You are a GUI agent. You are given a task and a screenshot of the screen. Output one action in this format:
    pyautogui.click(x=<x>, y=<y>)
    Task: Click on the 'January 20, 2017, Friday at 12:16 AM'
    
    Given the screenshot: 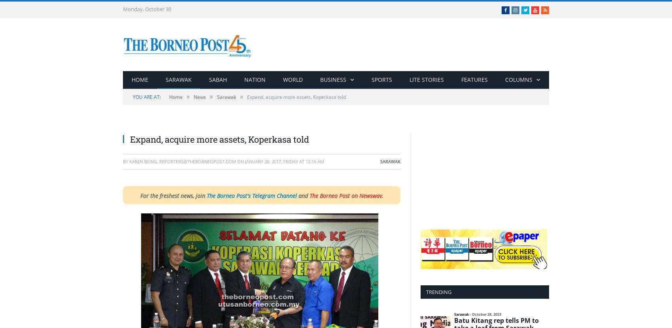 What is the action you would take?
    pyautogui.click(x=284, y=161)
    